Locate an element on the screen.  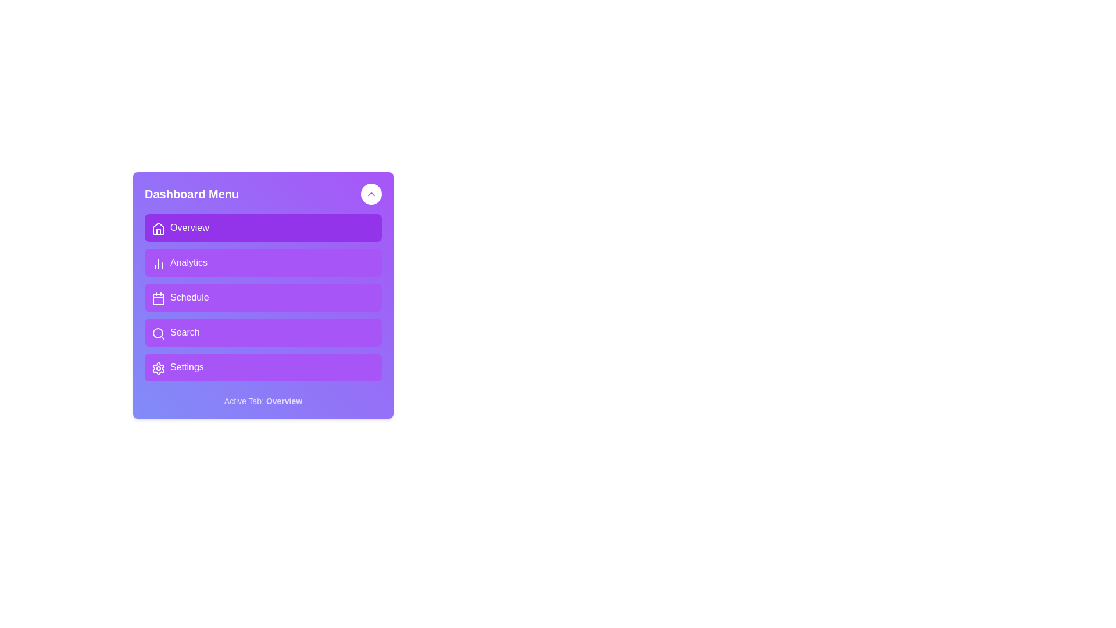
the central part of the cog icon in the settings button located in the last row of the menu is located at coordinates (158, 368).